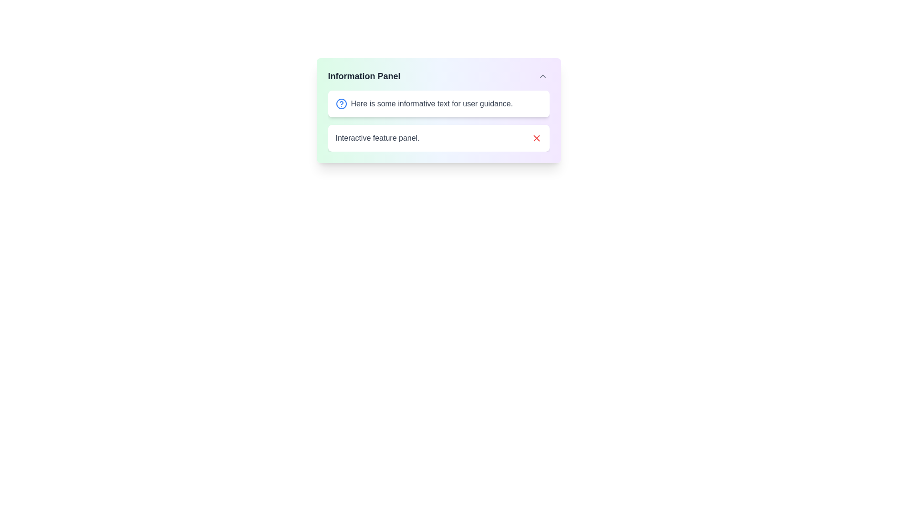  What do you see at coordinates (341, 104) in the screenshot?
I see `the SVG Circle with a blue outline and a question mark inside, located in the center of the icon in the top-left corner of the first text block within the 'Information Panel'` at bounding box center [341, 104].